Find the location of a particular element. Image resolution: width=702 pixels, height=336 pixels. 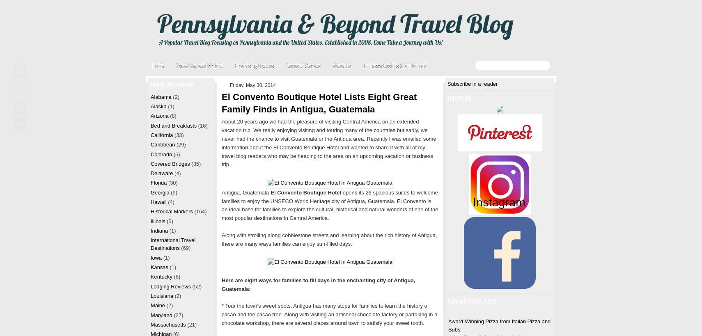

'Historical Markers' is located at coordinates (171, 211).